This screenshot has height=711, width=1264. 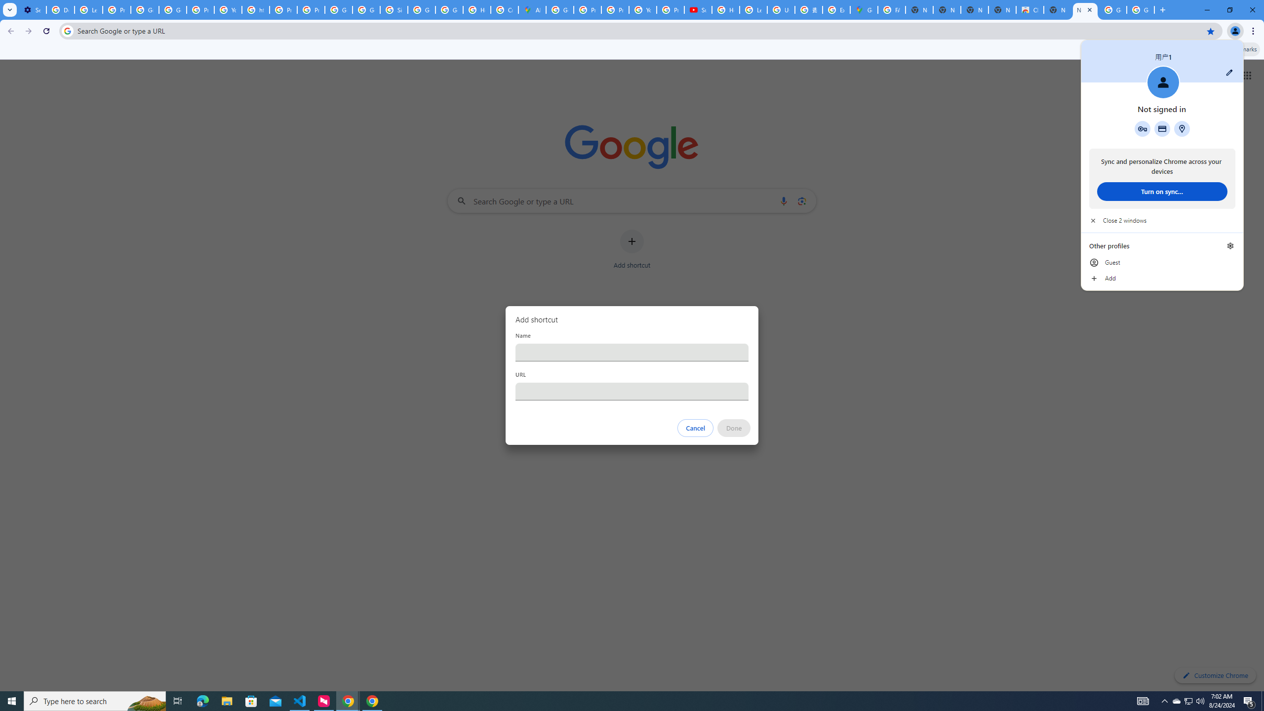 What do you see at coordinates (1143, 128) in the screenshot?
I see `'Google Password Manager'` at bounding box center [1143, 128].